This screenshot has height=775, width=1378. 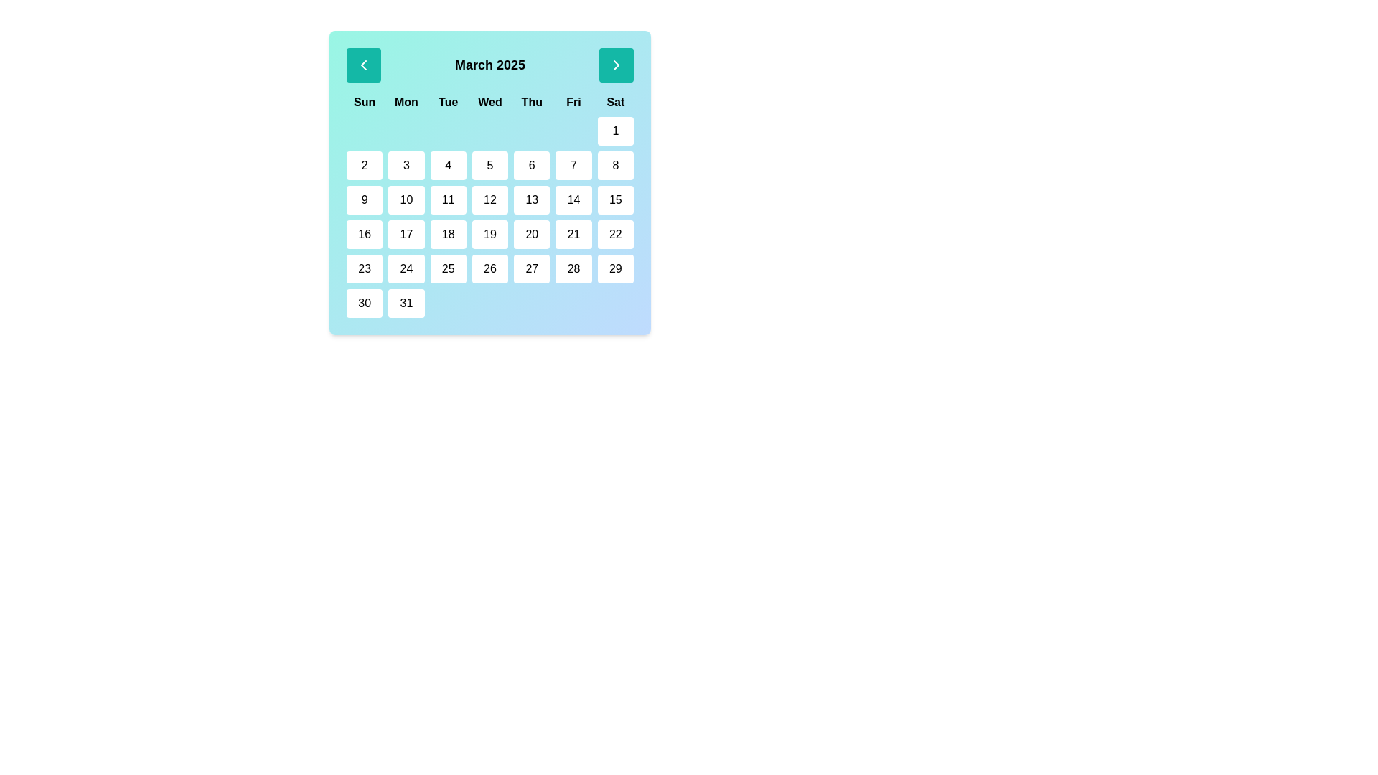 I want to click on the calendar day cell button displaying the number '20' located under the 'Thu' header in the fifth row and sixth column of the March 2025 calendar, so click(x=531, y=234).